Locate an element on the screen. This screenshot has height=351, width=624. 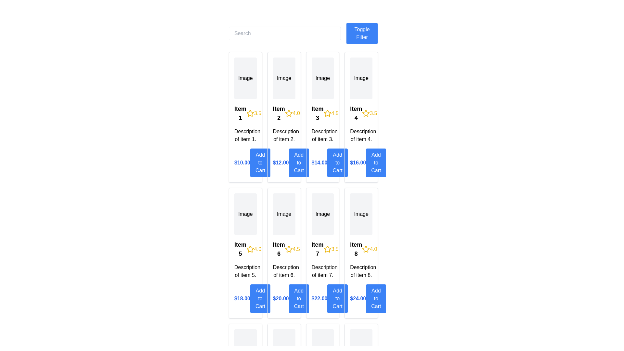
the rating star icon located to the left of the numeric rating '4.0' for 'Item 8' in the second row and fourth column of the item grid is located at coordinates (366, 249).